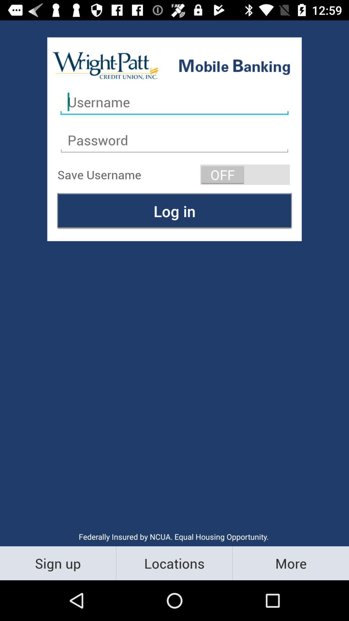  Describe the element at coordinates (174, 563) in the screenshot. I see `the icon below the federally insured by item` at that location.